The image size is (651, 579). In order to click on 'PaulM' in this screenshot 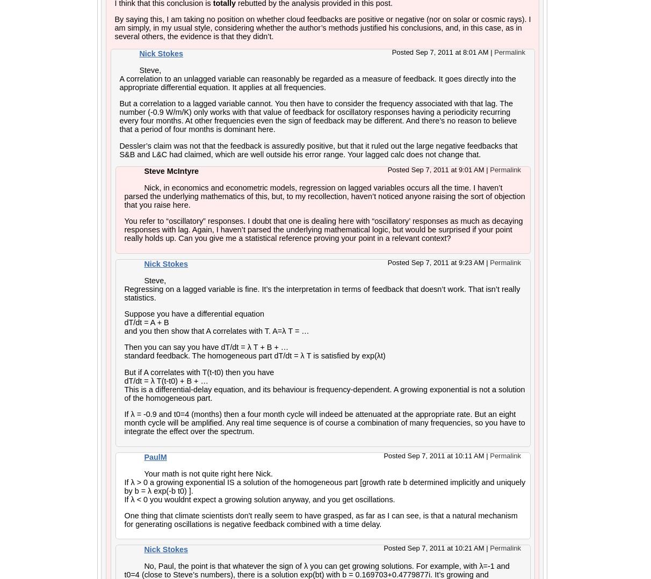, I will do `click(155, 457)`.